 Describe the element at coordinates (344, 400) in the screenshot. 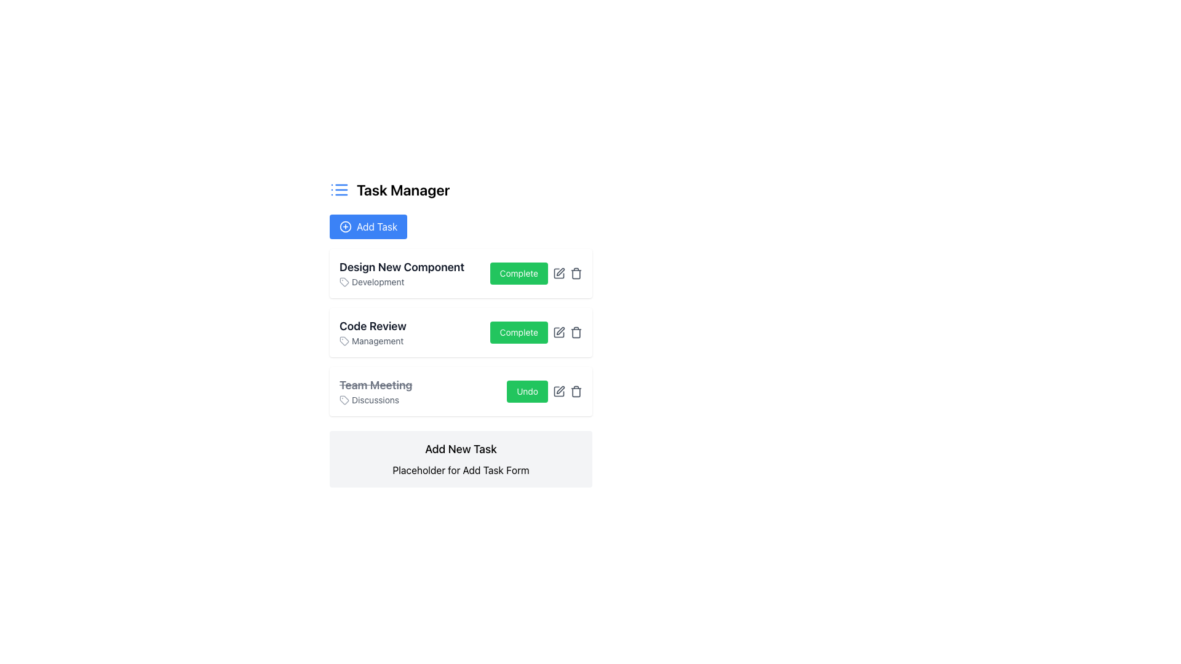

I see `the icon located to the left of the 'Discussions' text, which is the last visible entry in the list` at that location.